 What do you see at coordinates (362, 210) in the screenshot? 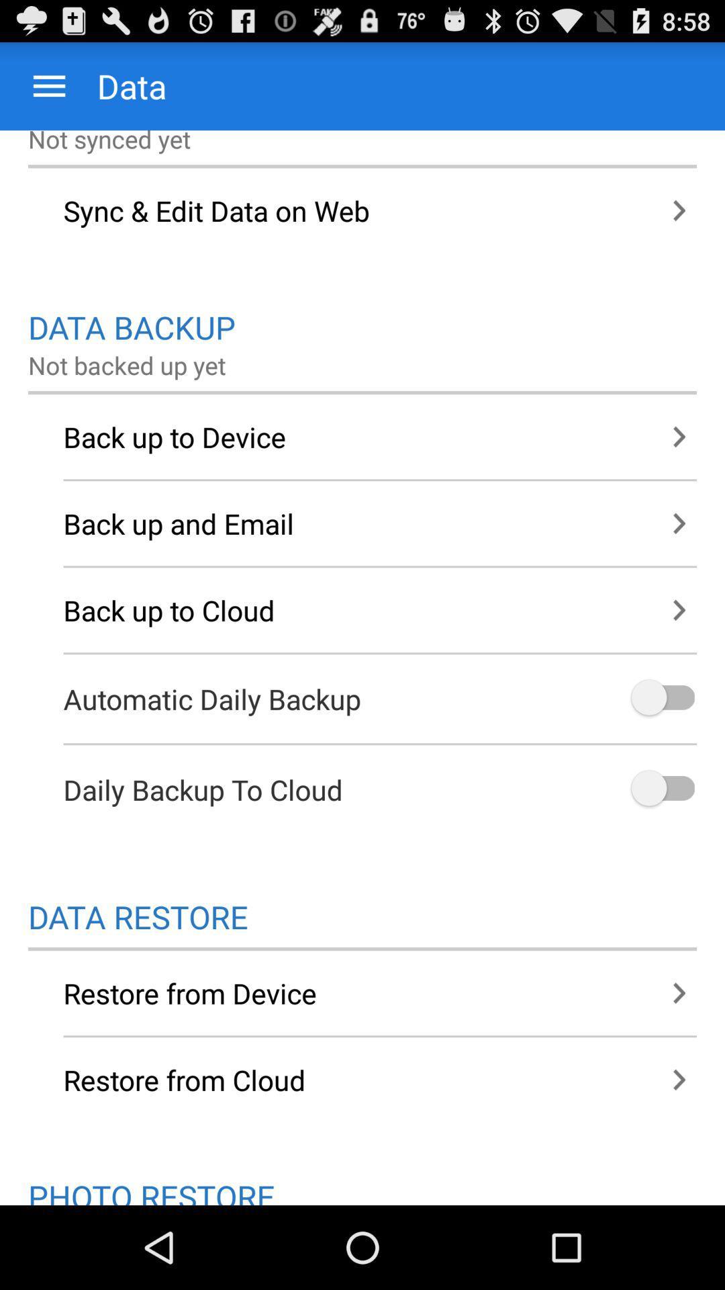
I see `sync edit data item` at bounding box center [362, 210].